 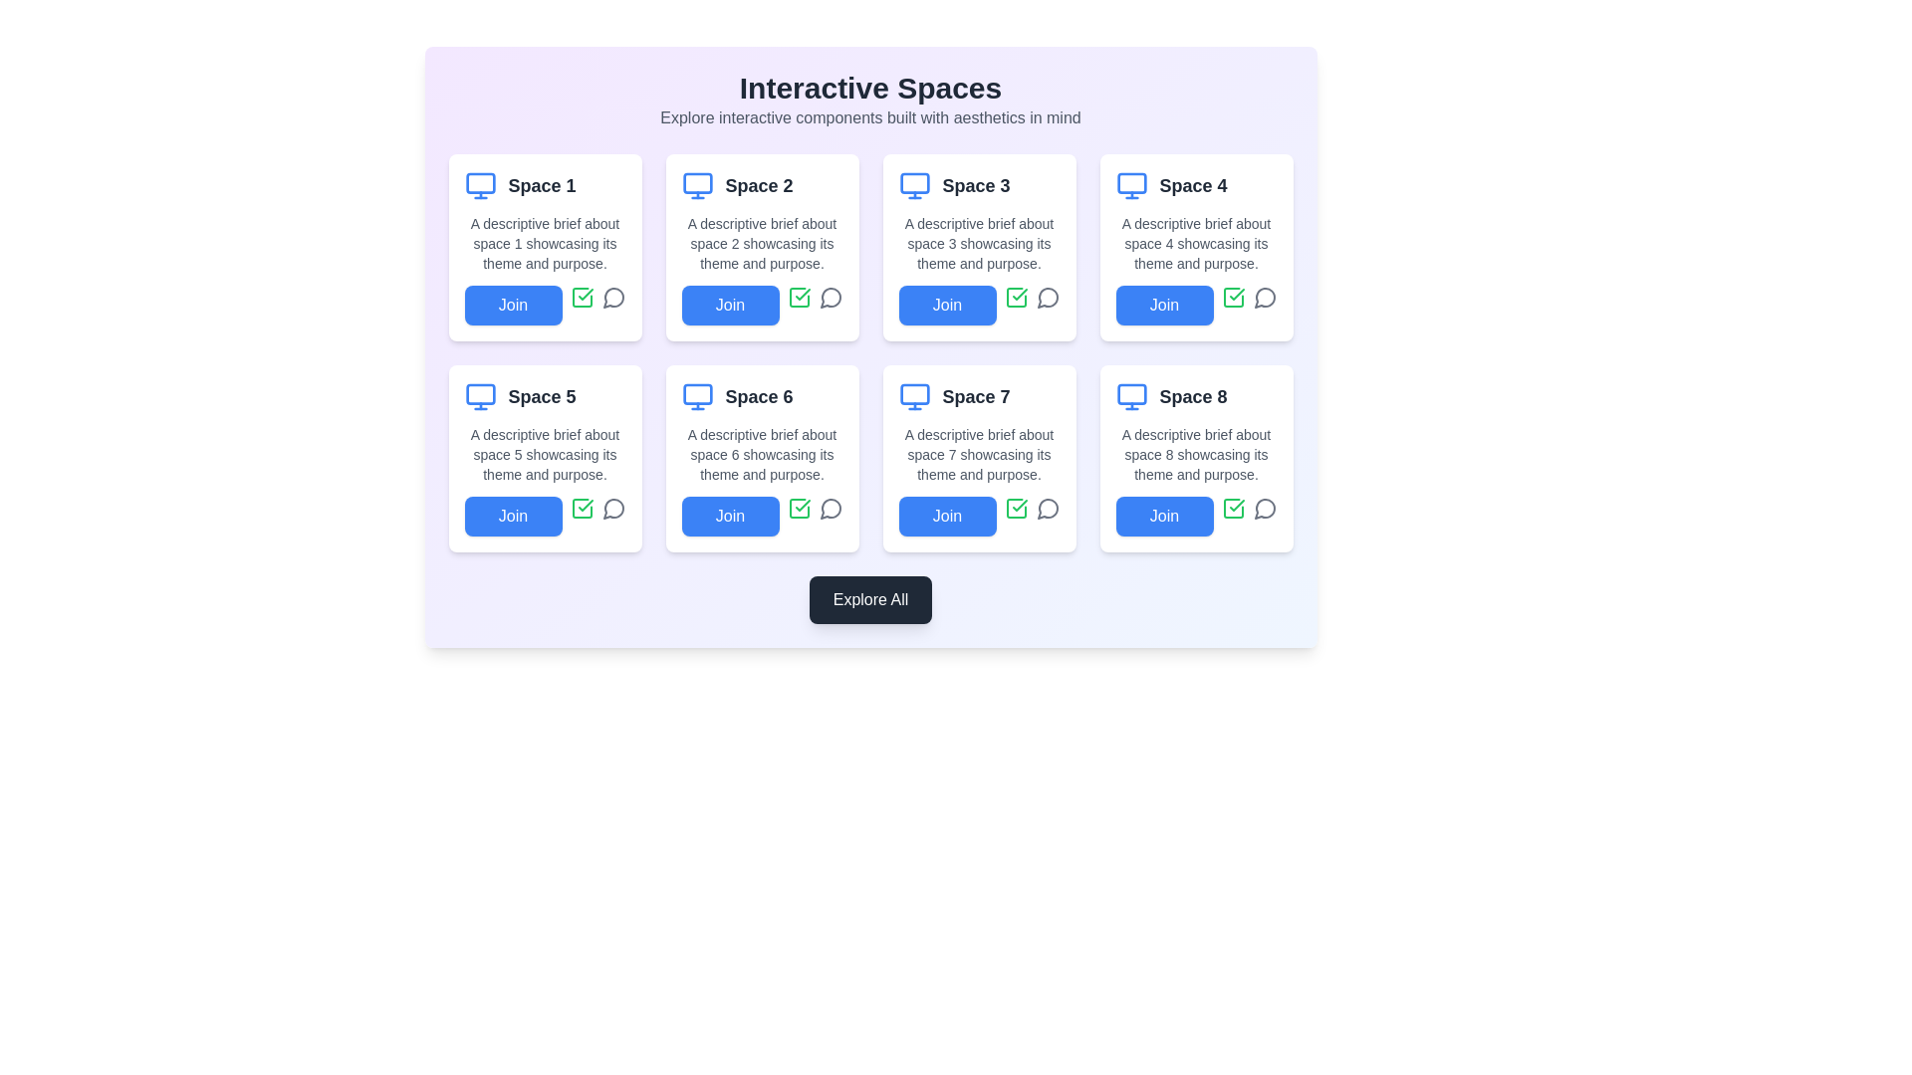 I want to click on the Icon located in the third card component of the top row in the grid layout, so click(x=1016, y=298).